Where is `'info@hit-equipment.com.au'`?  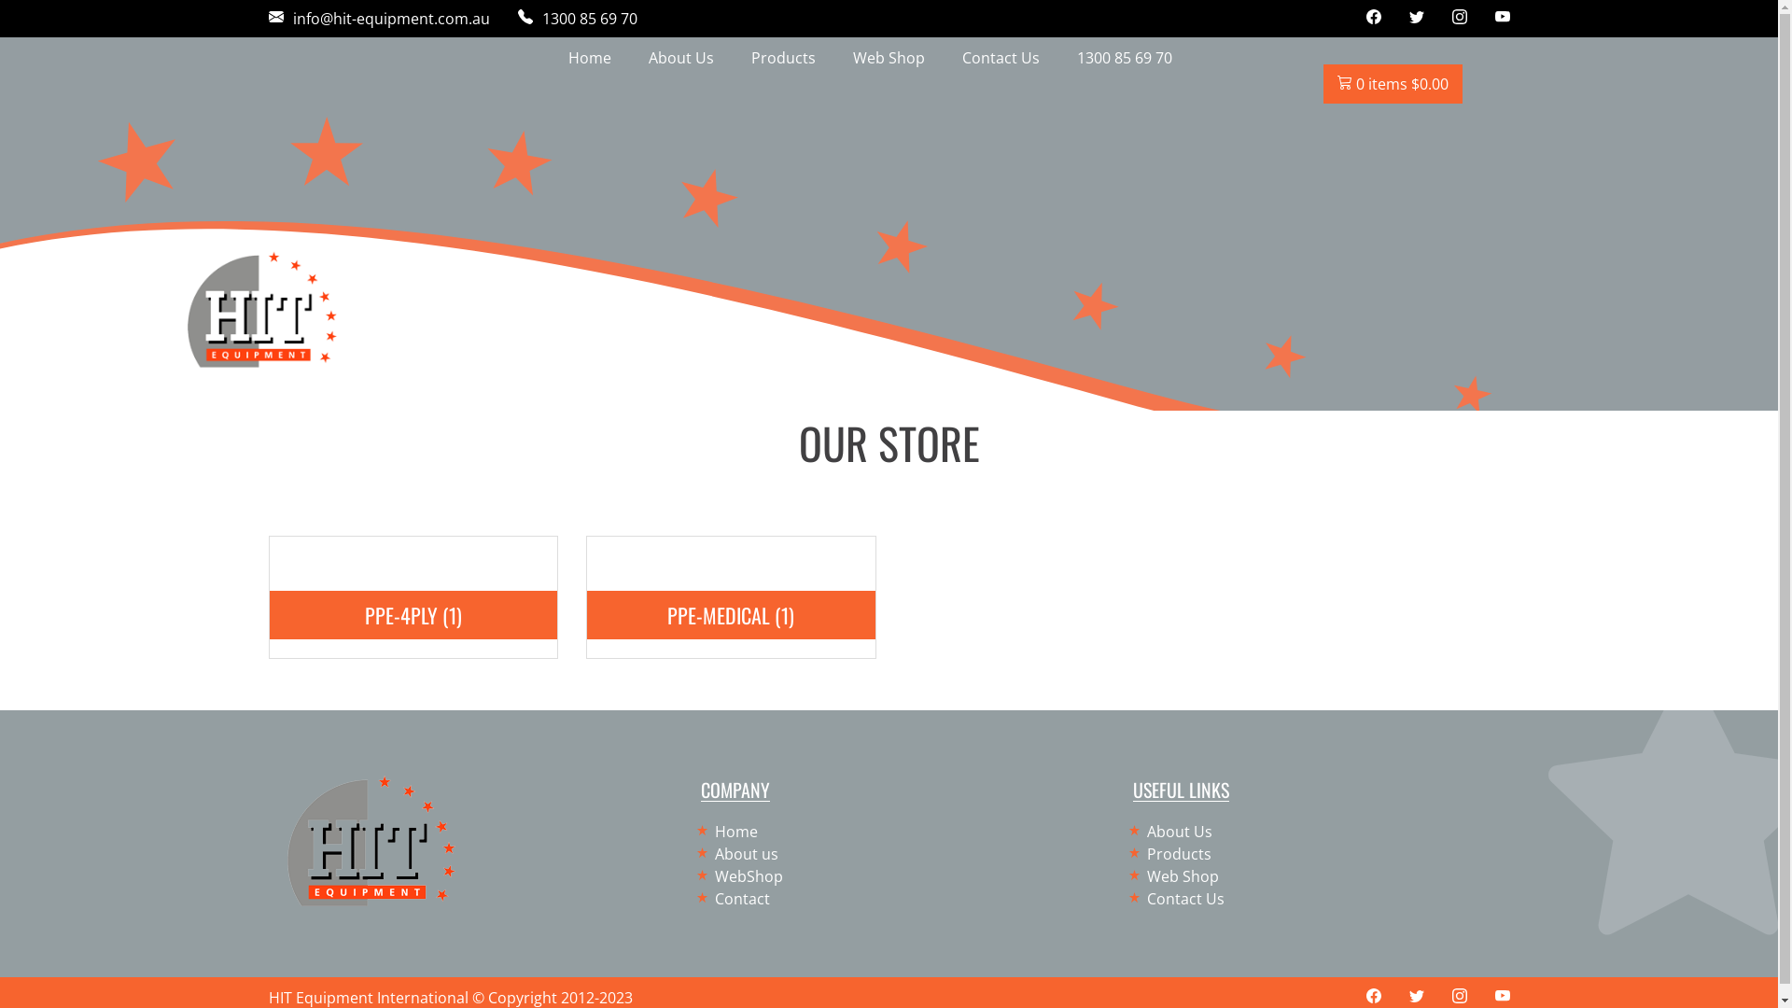 'info@hit-equipment.com.au' is located at coordinates (378, 18).